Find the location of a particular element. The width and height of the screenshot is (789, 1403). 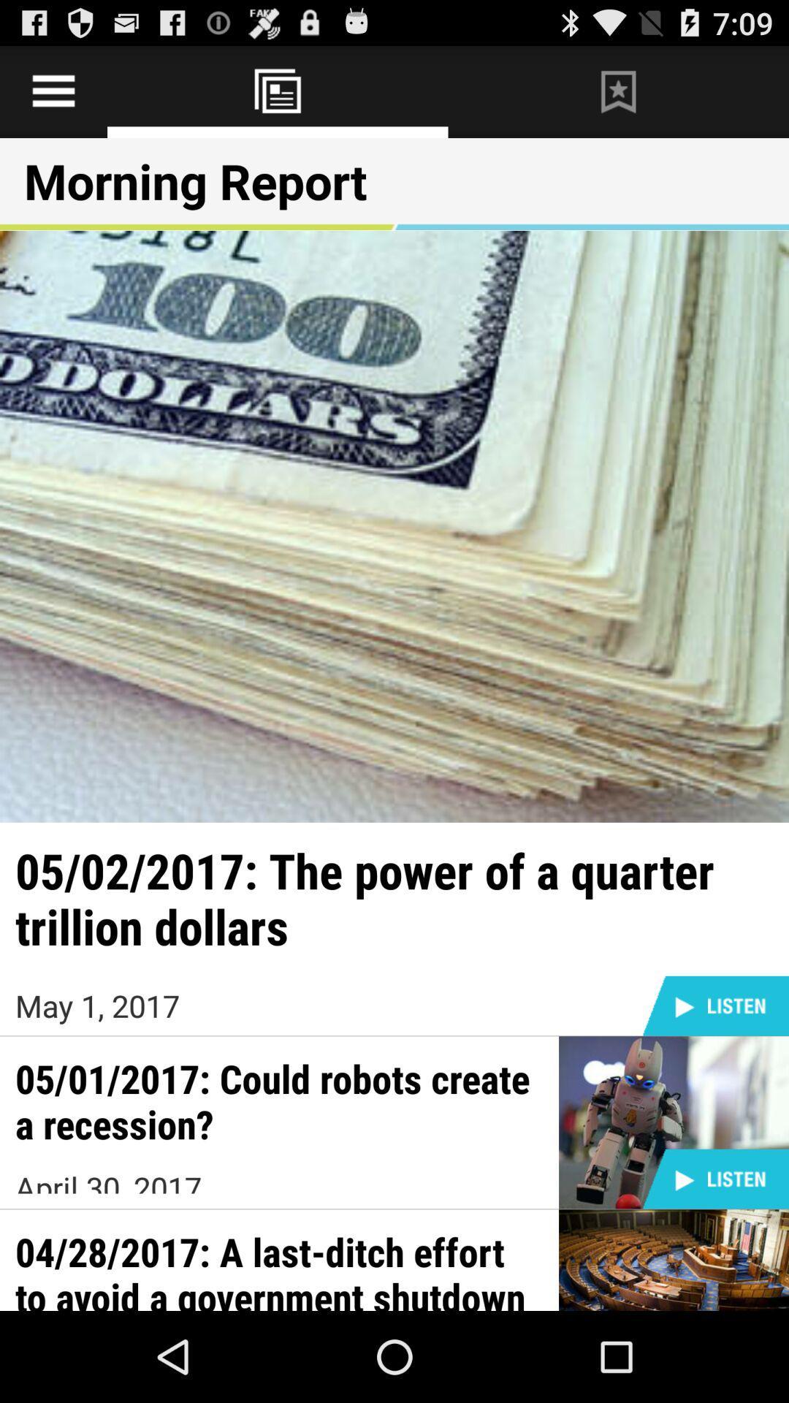

get bookmarks is located at coordinates (618, 91).